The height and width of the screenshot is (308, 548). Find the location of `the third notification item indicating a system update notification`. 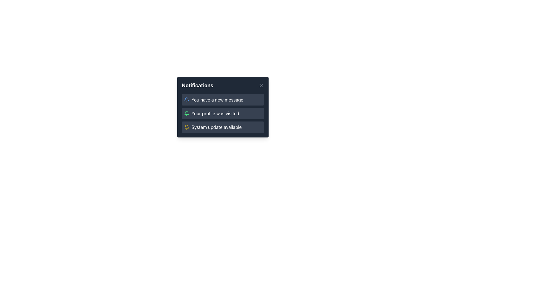

the third notification item indicating a system update notification is located at coordinates (223, 127).